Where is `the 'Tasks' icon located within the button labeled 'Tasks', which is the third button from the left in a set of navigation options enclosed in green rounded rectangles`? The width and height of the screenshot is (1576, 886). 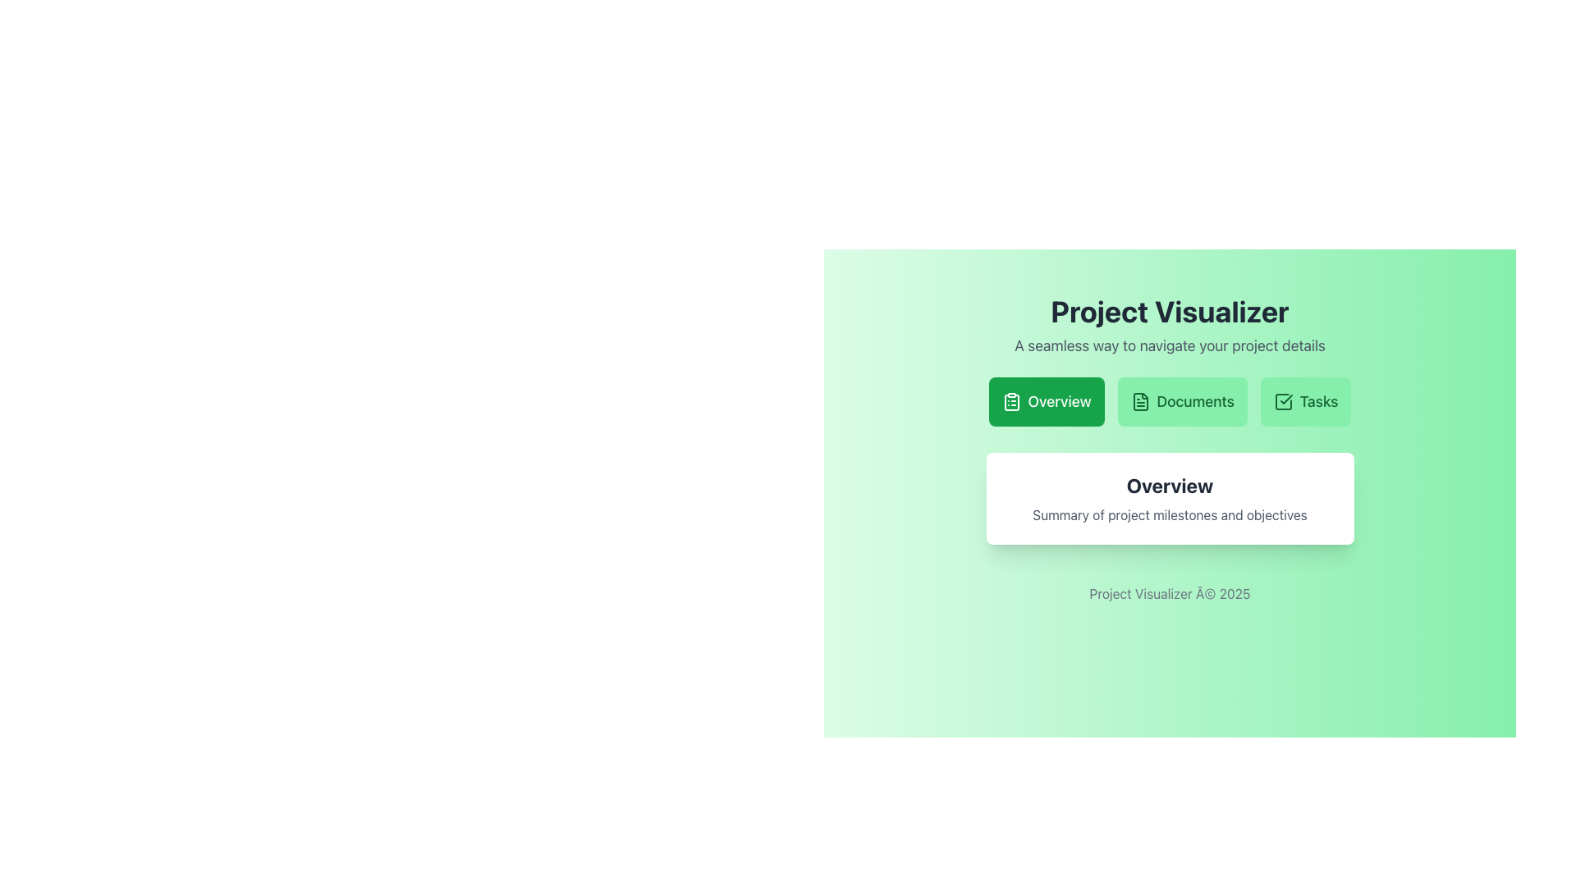
the 'Tasks' icon located within the button labeled 'Tasks', which is the third button from the left in a set of navigation options enclosed in green rounded rectangles is located at coordinates (1282, 401).